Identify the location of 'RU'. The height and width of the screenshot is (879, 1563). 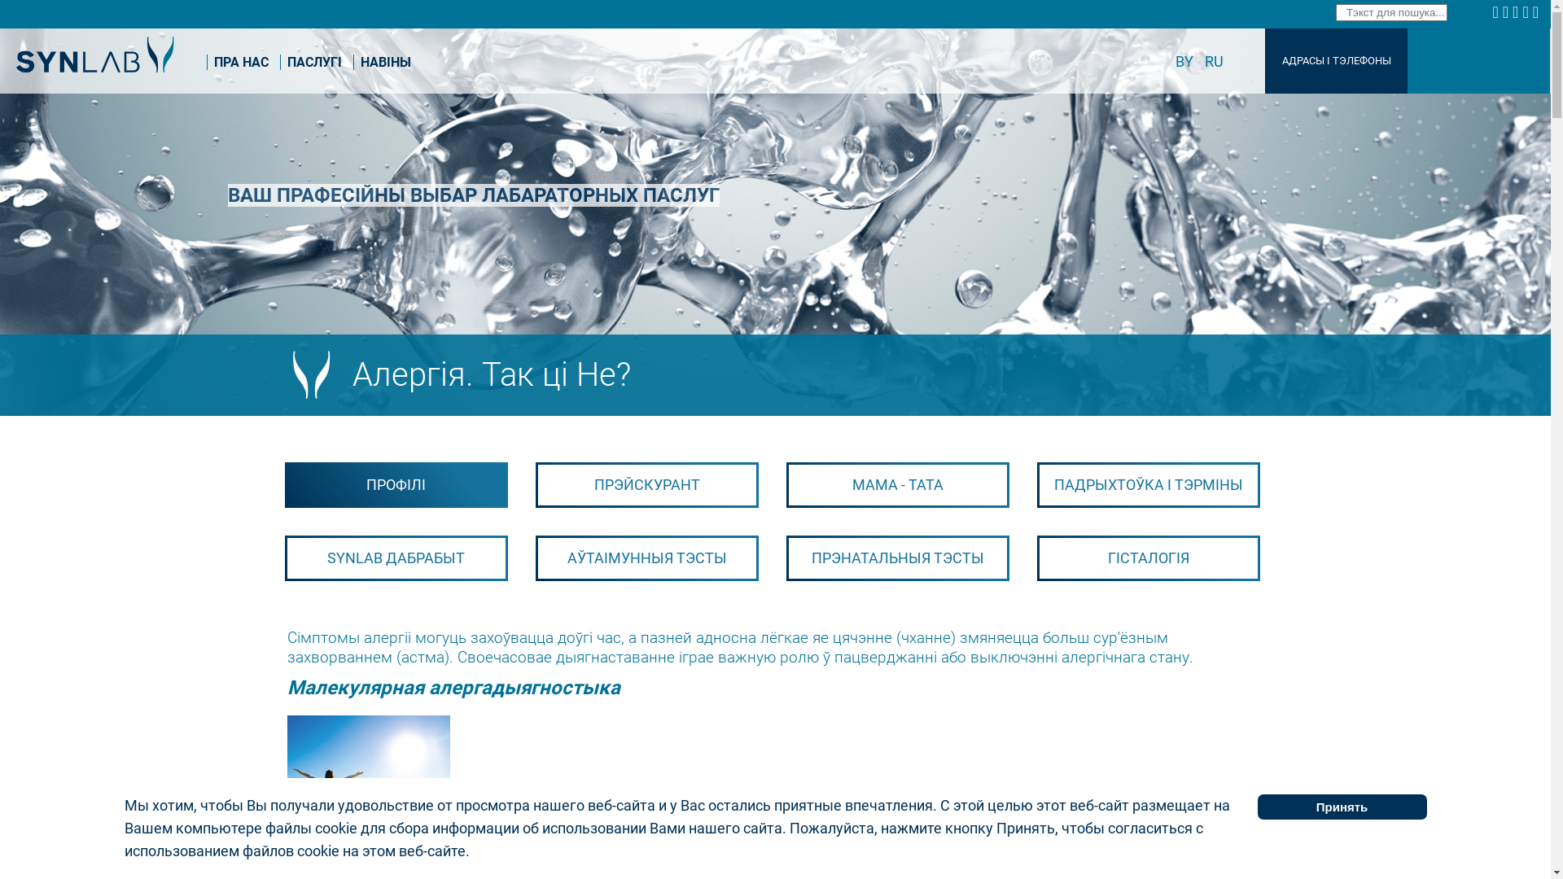
(1214, 60).